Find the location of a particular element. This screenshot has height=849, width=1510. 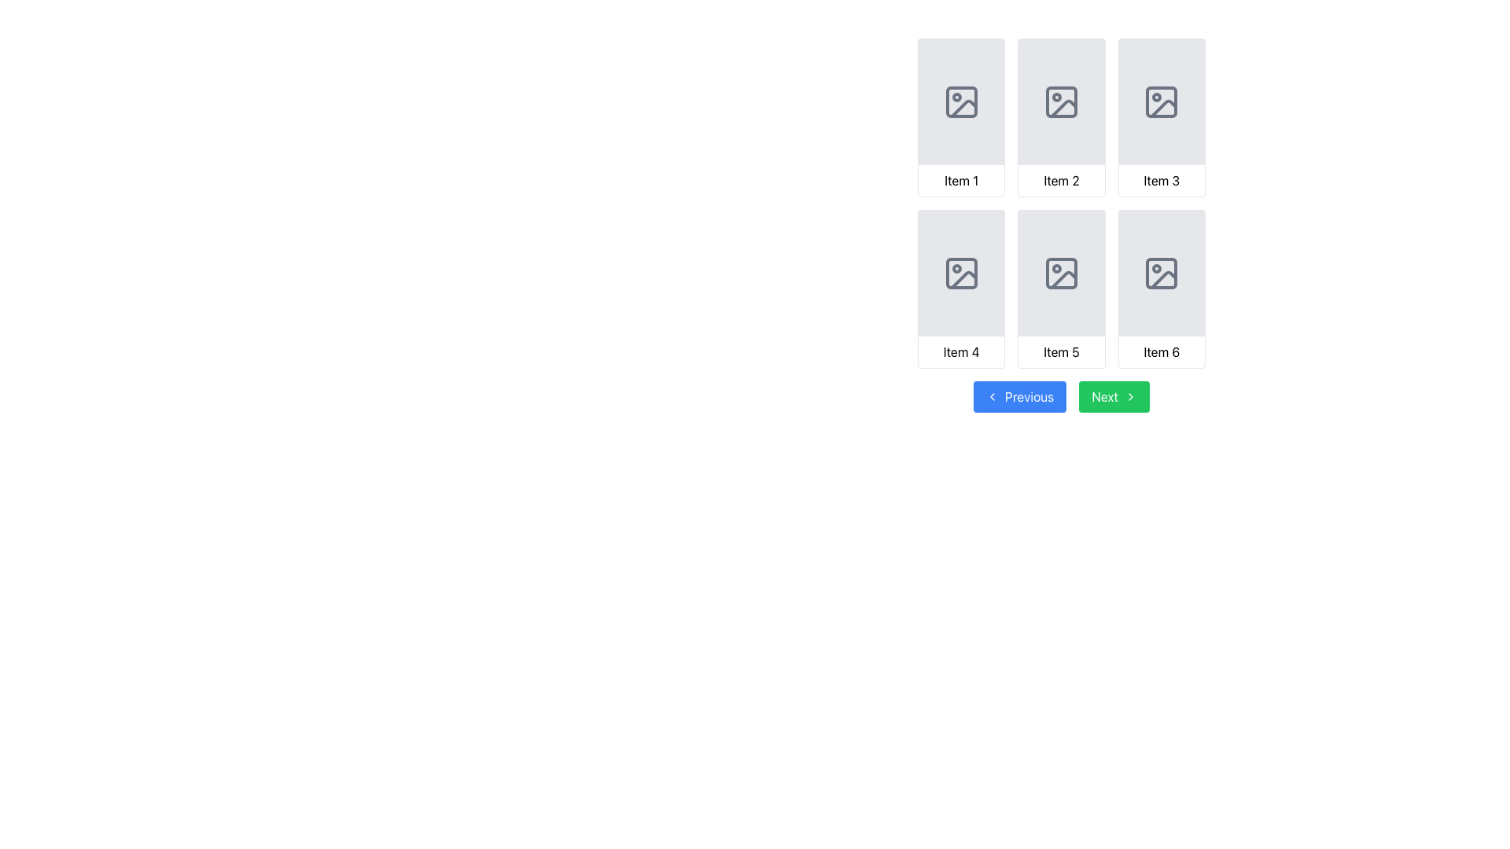

the text label displaying 'Item 4' is located at coordinates (960, 351).